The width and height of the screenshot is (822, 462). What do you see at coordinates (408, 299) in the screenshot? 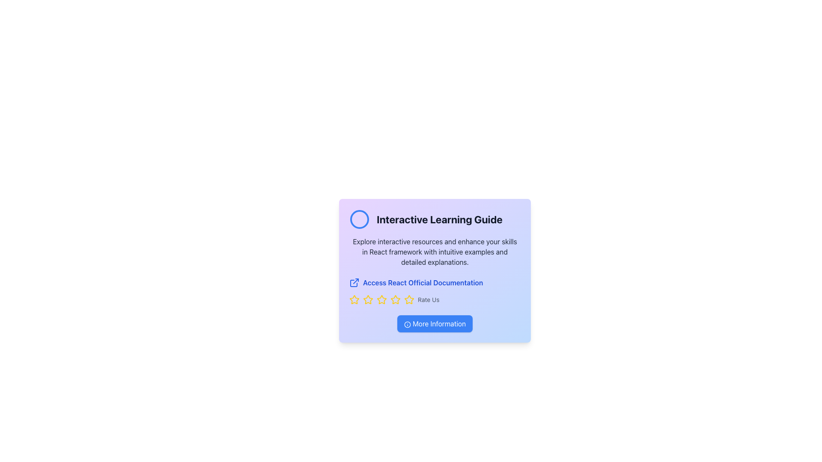
I see `the rating star icon` at bounding box center [408, 299].